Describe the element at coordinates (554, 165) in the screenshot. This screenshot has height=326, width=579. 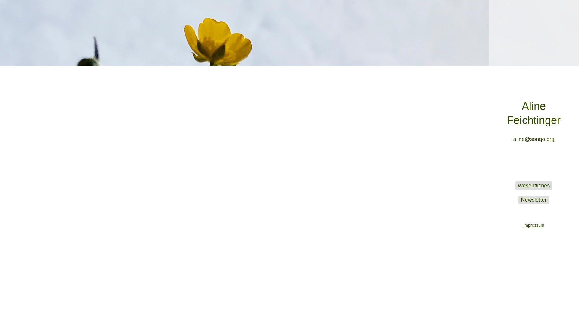
I see `'Aline Feichtinger bei LinkedIn'` at that location.